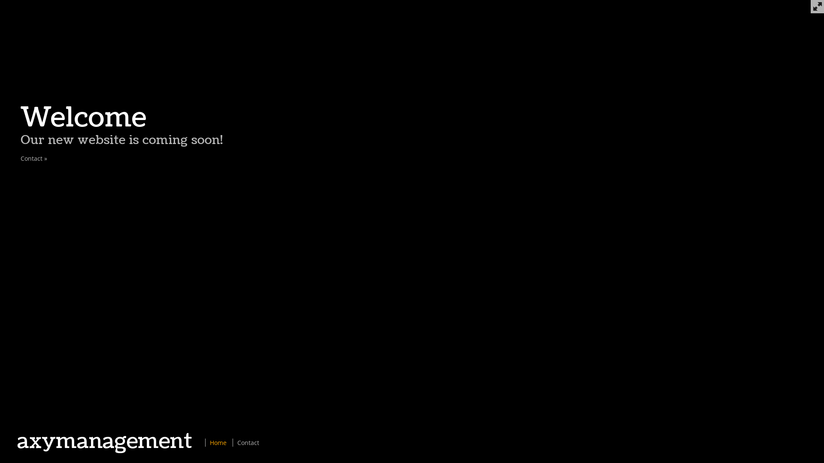 This screenshot has height=463, width=824. What do you see at coordinates (218, 442) in the screenshot?
I see `'Home'` at bounding box center [218, 442].